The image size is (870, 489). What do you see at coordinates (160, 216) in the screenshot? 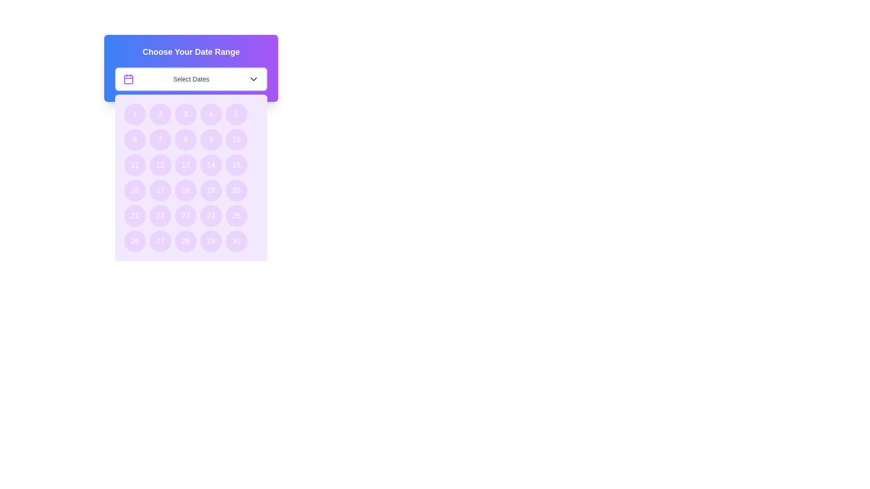
I see `the button for the date '22' in the calendar interface located in the sixth row and second column` at bounding box center [160, 216].